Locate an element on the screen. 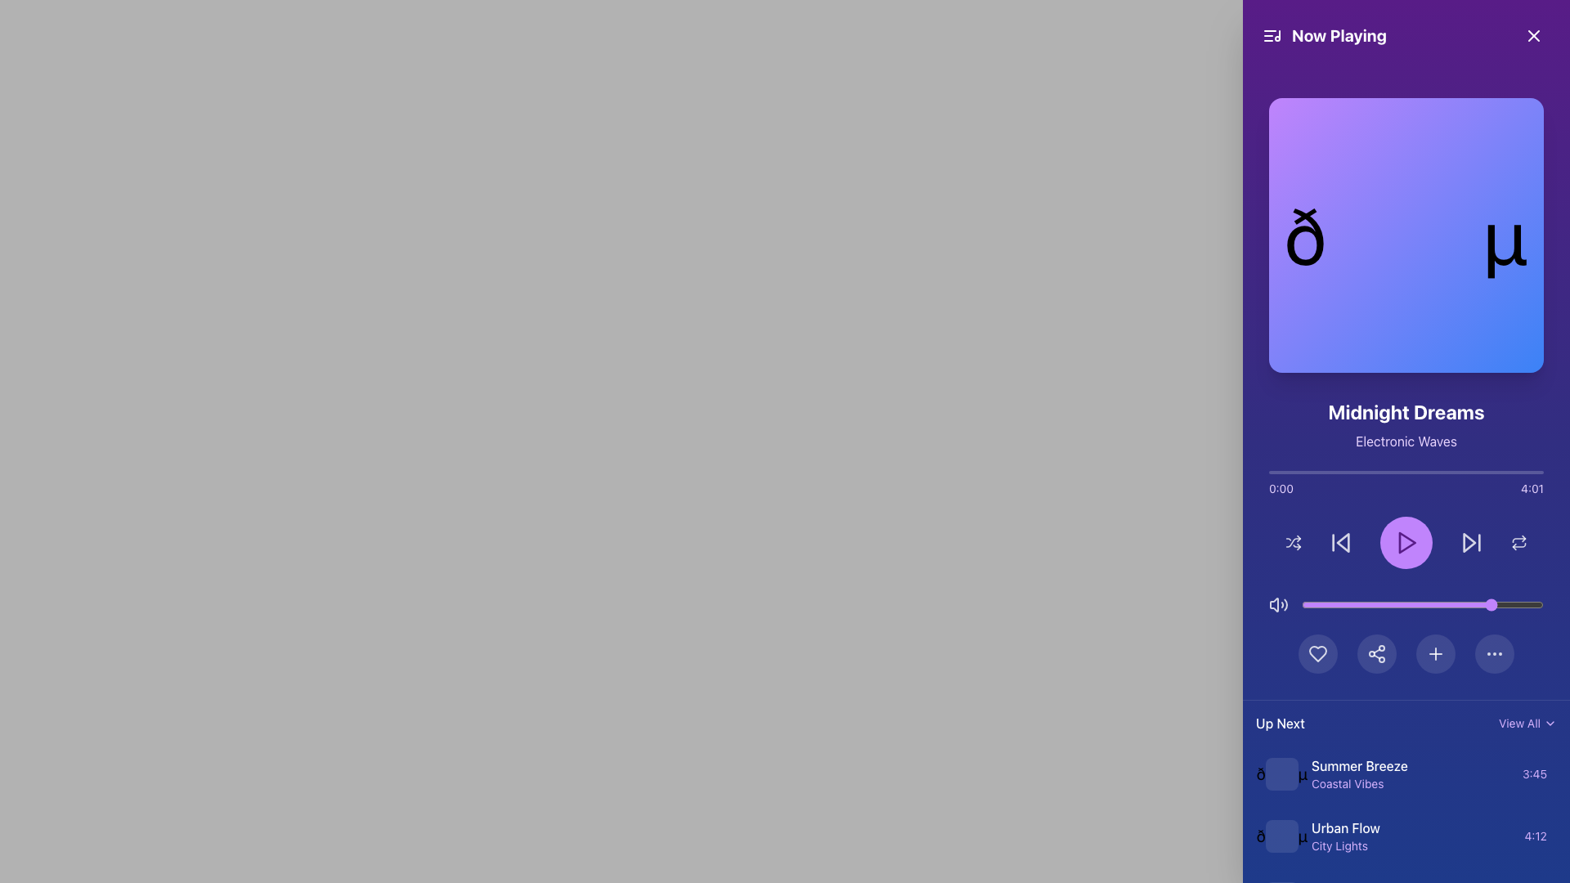  the shuffle button located on the control bar, which is the first icon directly to the left of the play button is located at coordinates (1293, 542).